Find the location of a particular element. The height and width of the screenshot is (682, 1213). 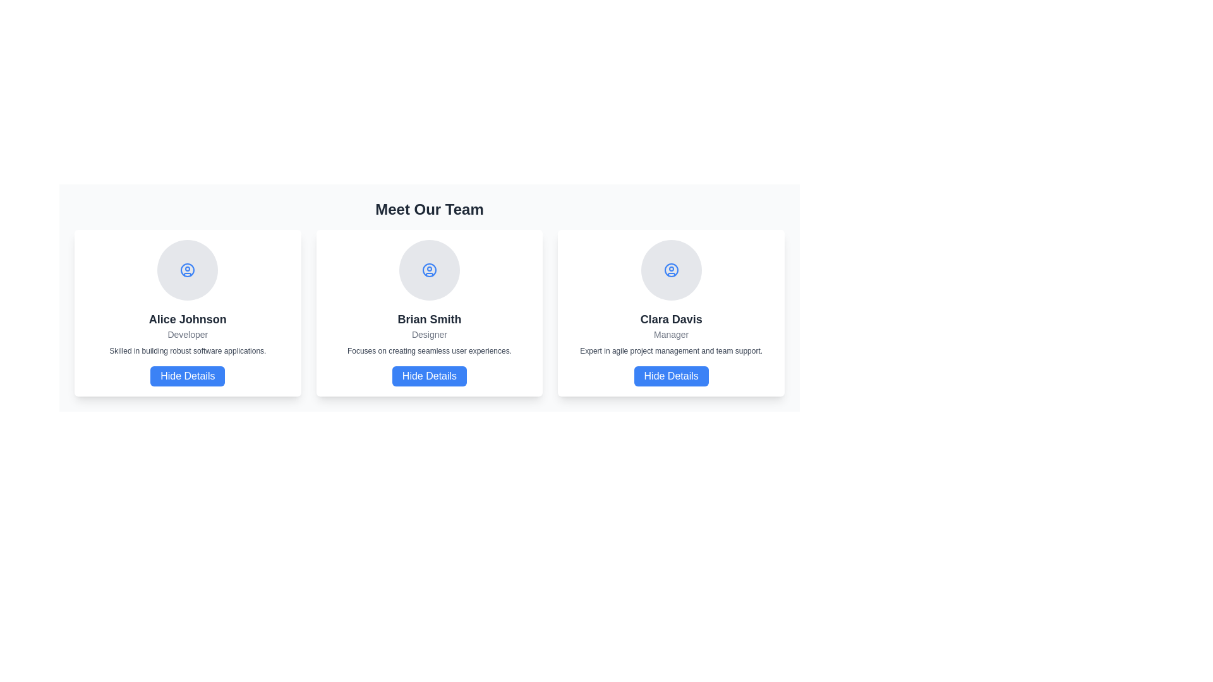

the button at the bottom center of Clara Davis' profile card is located at coordinates (670, 376).